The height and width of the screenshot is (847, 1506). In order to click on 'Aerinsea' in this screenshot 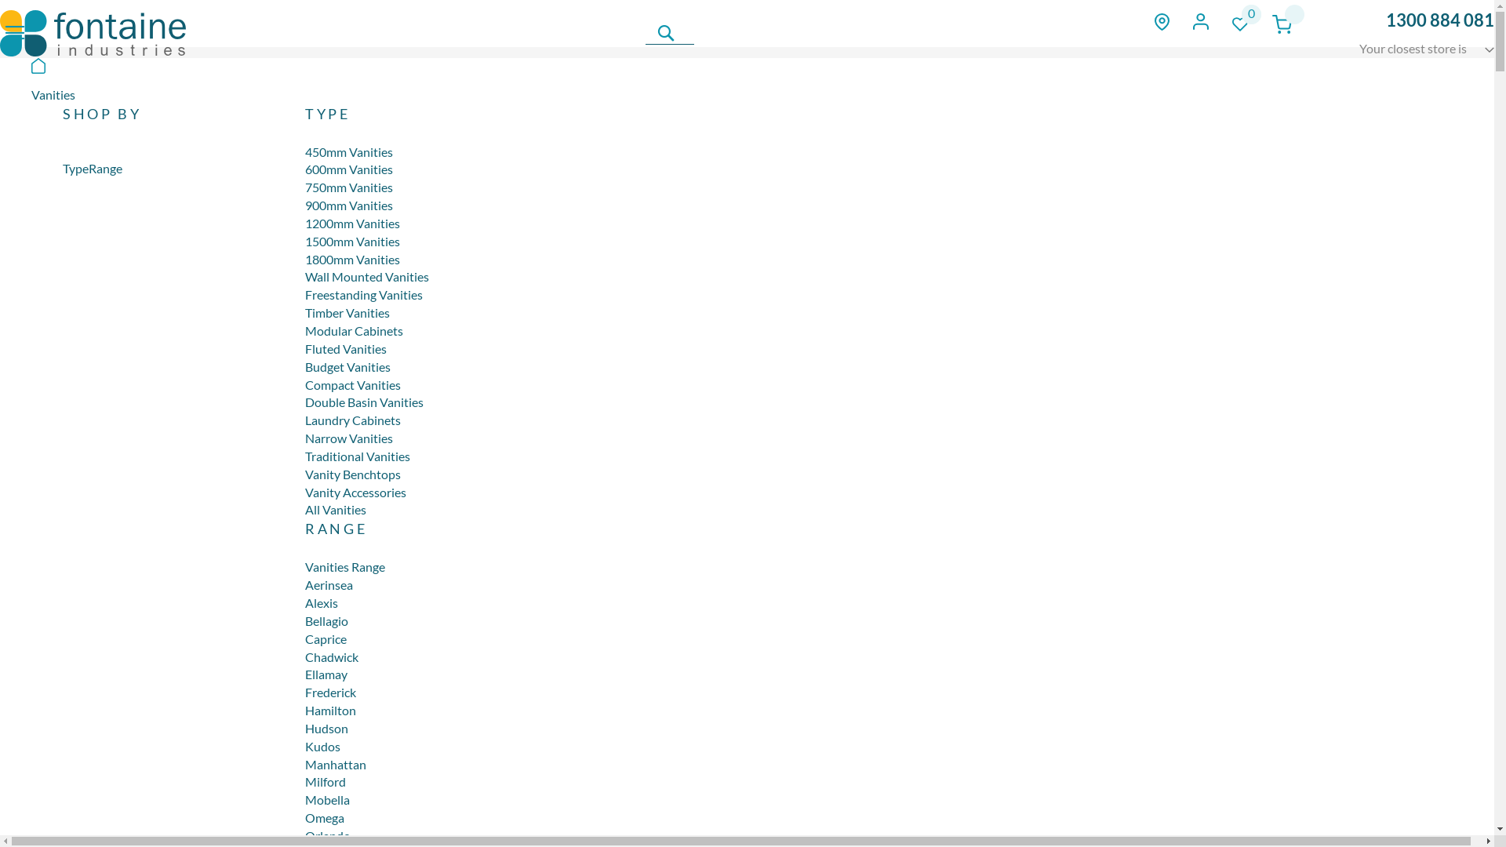, I will do `click(328, 584)`.